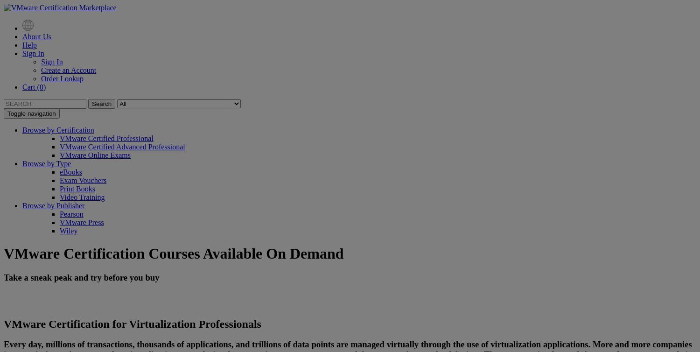 The height and width of the screenshot is (352, 700). What do you see at coordinates (81, 276) in the screenshot?
I see `'Take a sneak peak and try before you buy'` at bounding box center [81, 276].